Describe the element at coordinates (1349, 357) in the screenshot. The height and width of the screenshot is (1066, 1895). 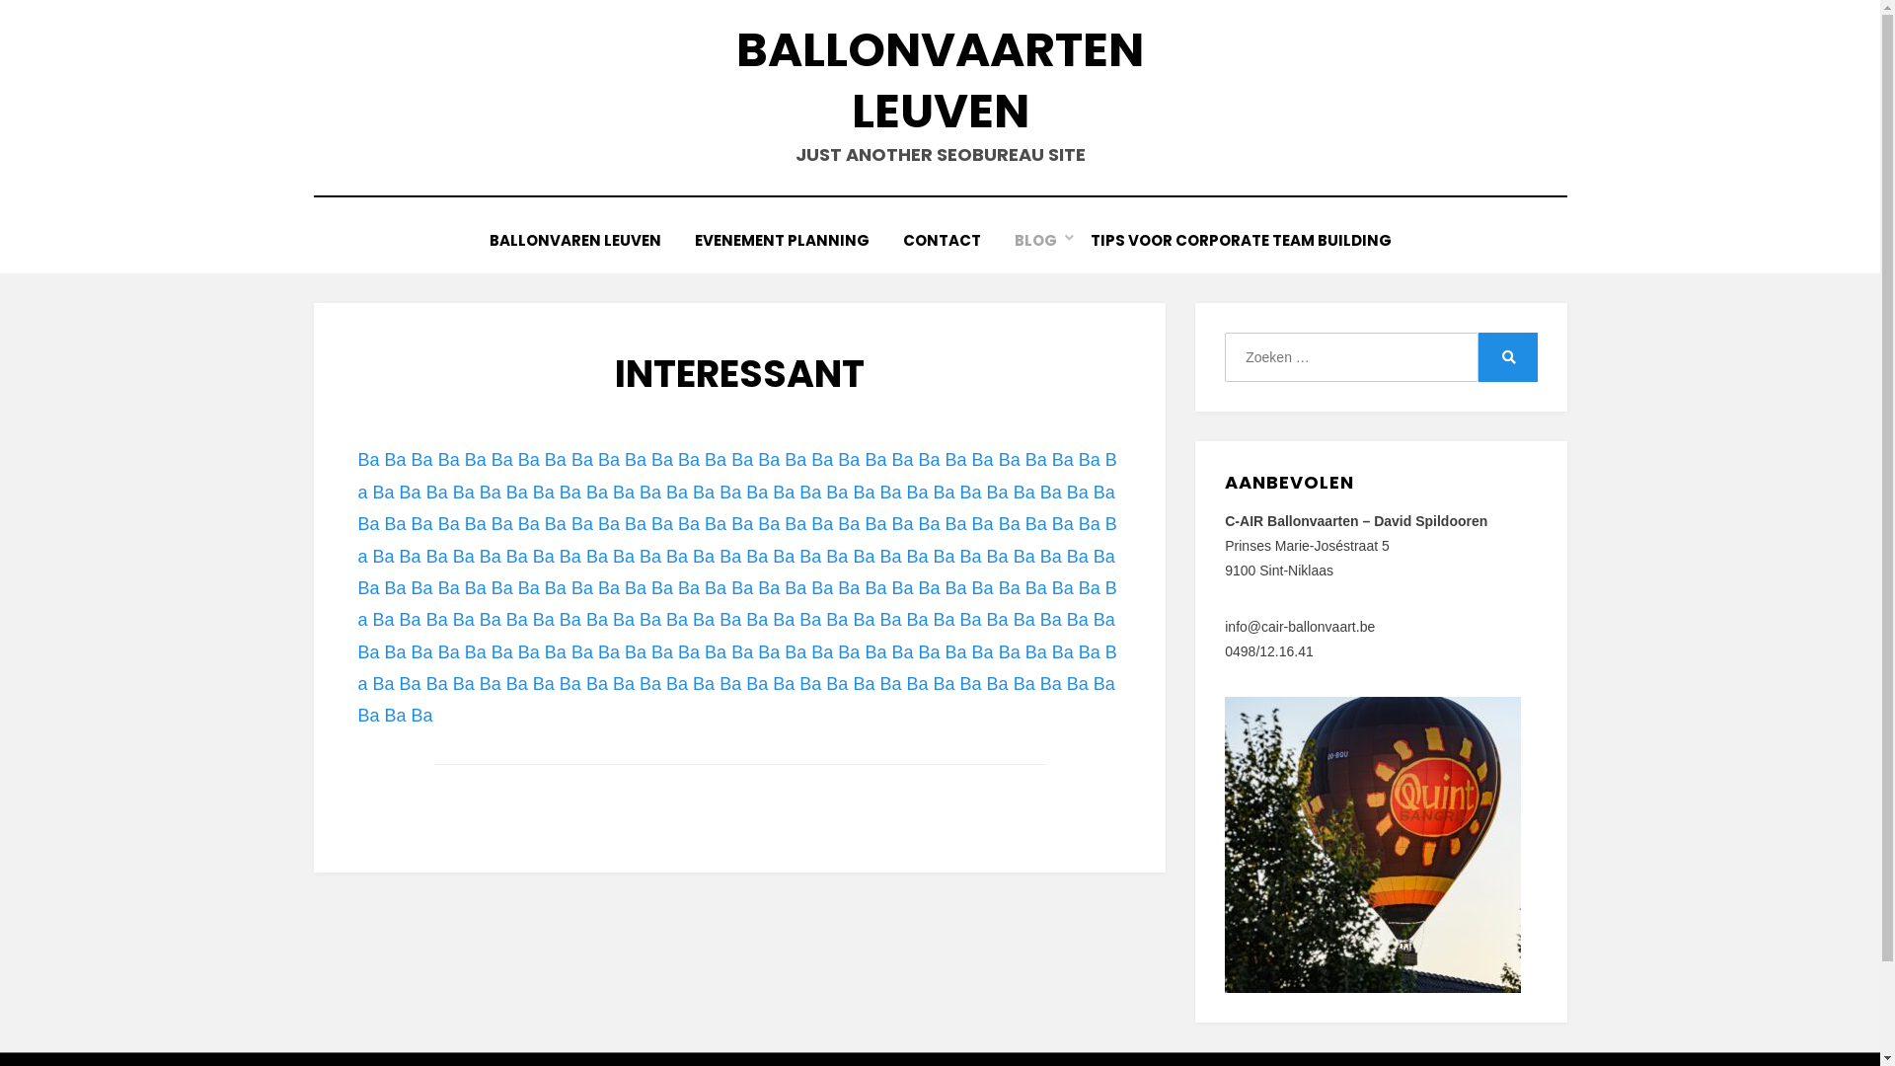
I see `'Zoeken naar:'` at that location.